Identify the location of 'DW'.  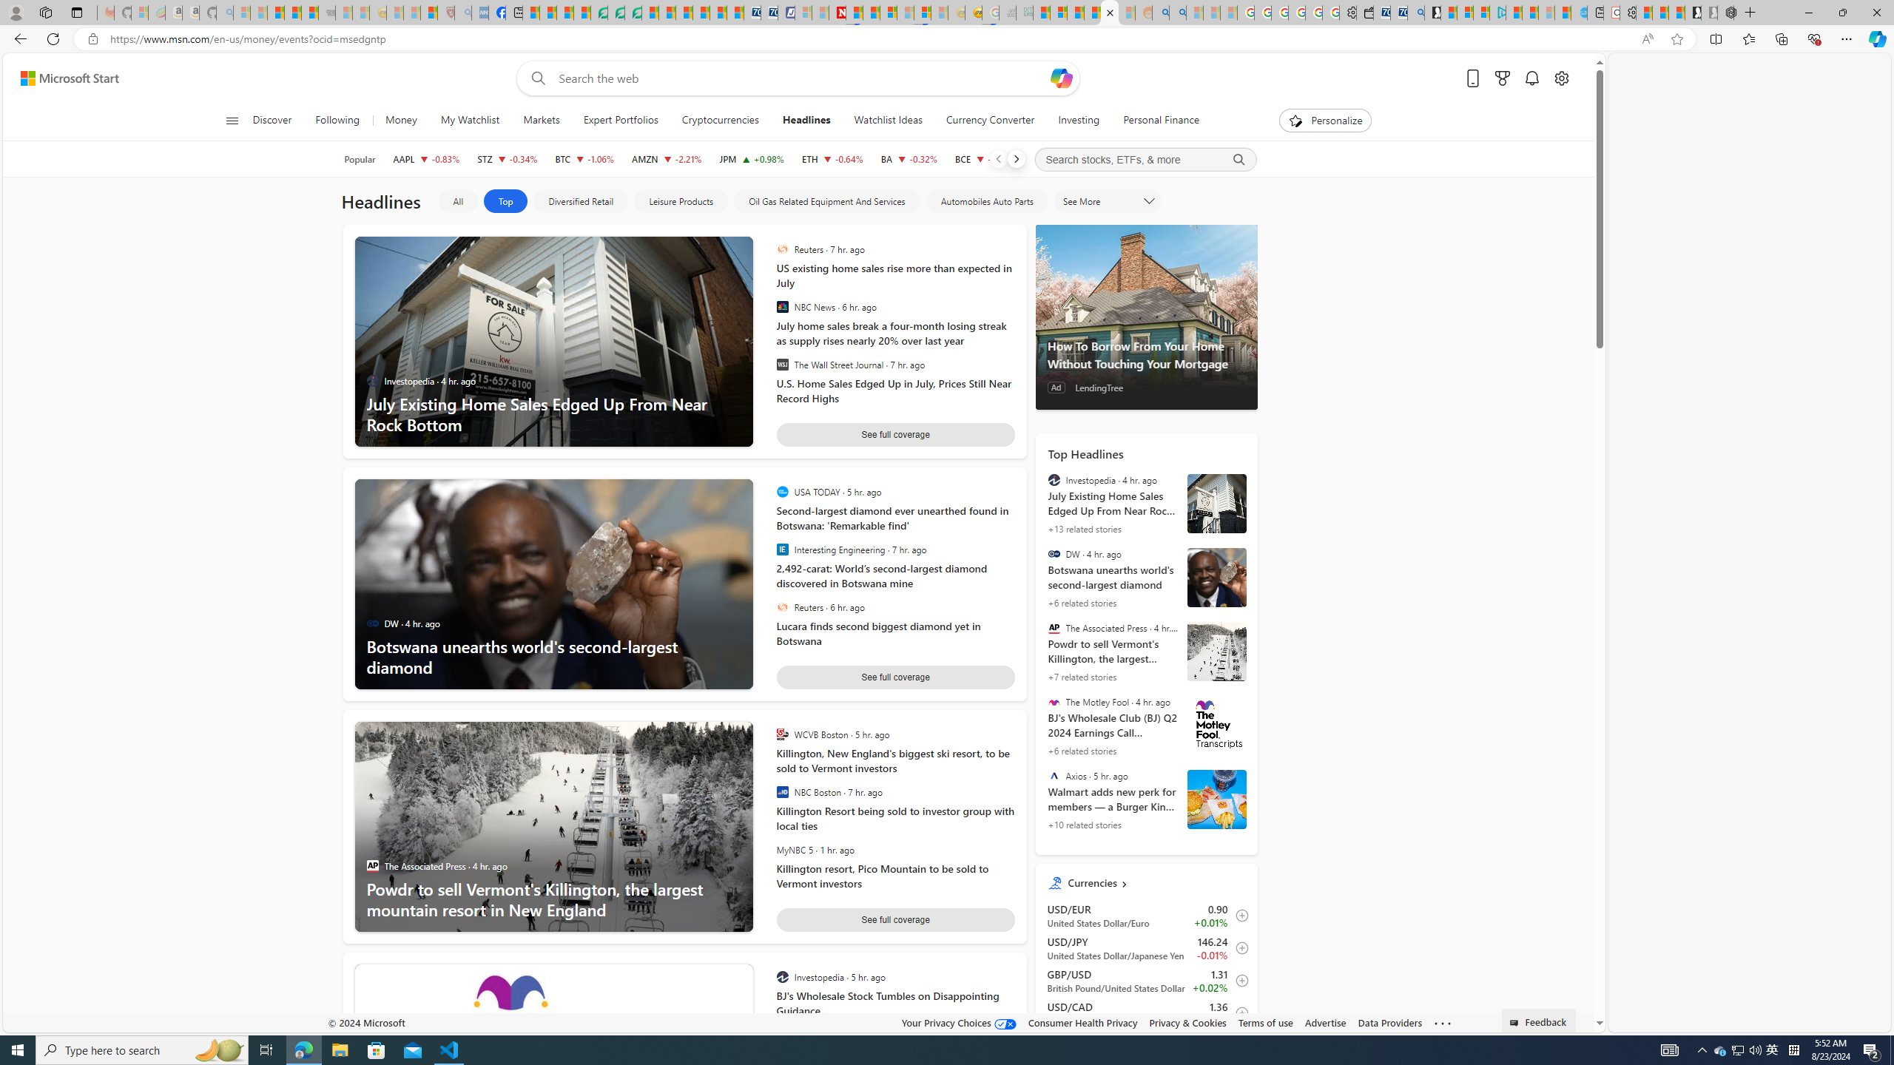
(1053, 553).